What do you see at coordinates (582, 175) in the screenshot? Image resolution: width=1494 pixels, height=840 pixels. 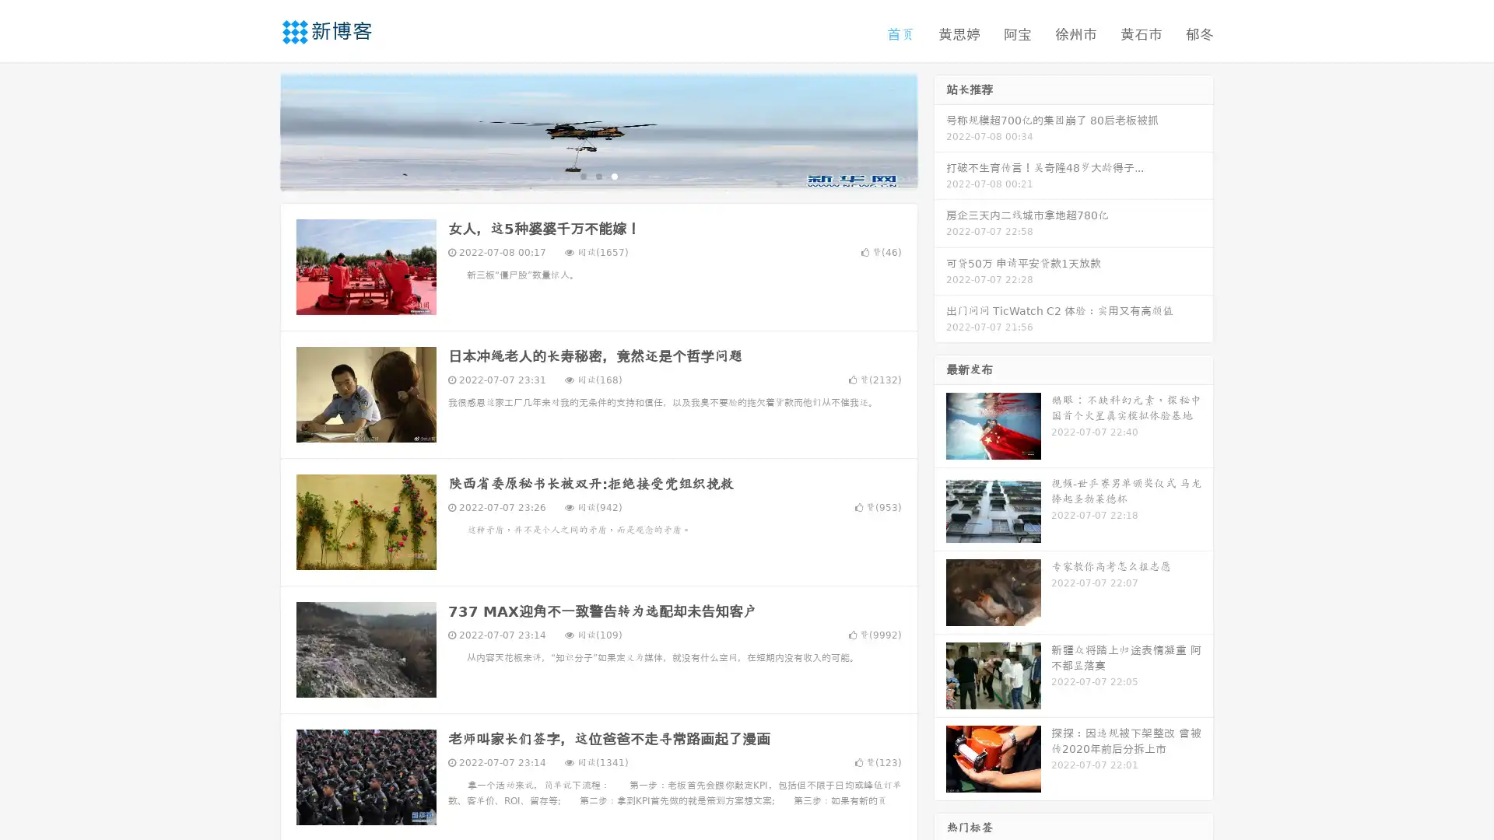 I see `Go to slide 1` at bounding box center [582, 175].